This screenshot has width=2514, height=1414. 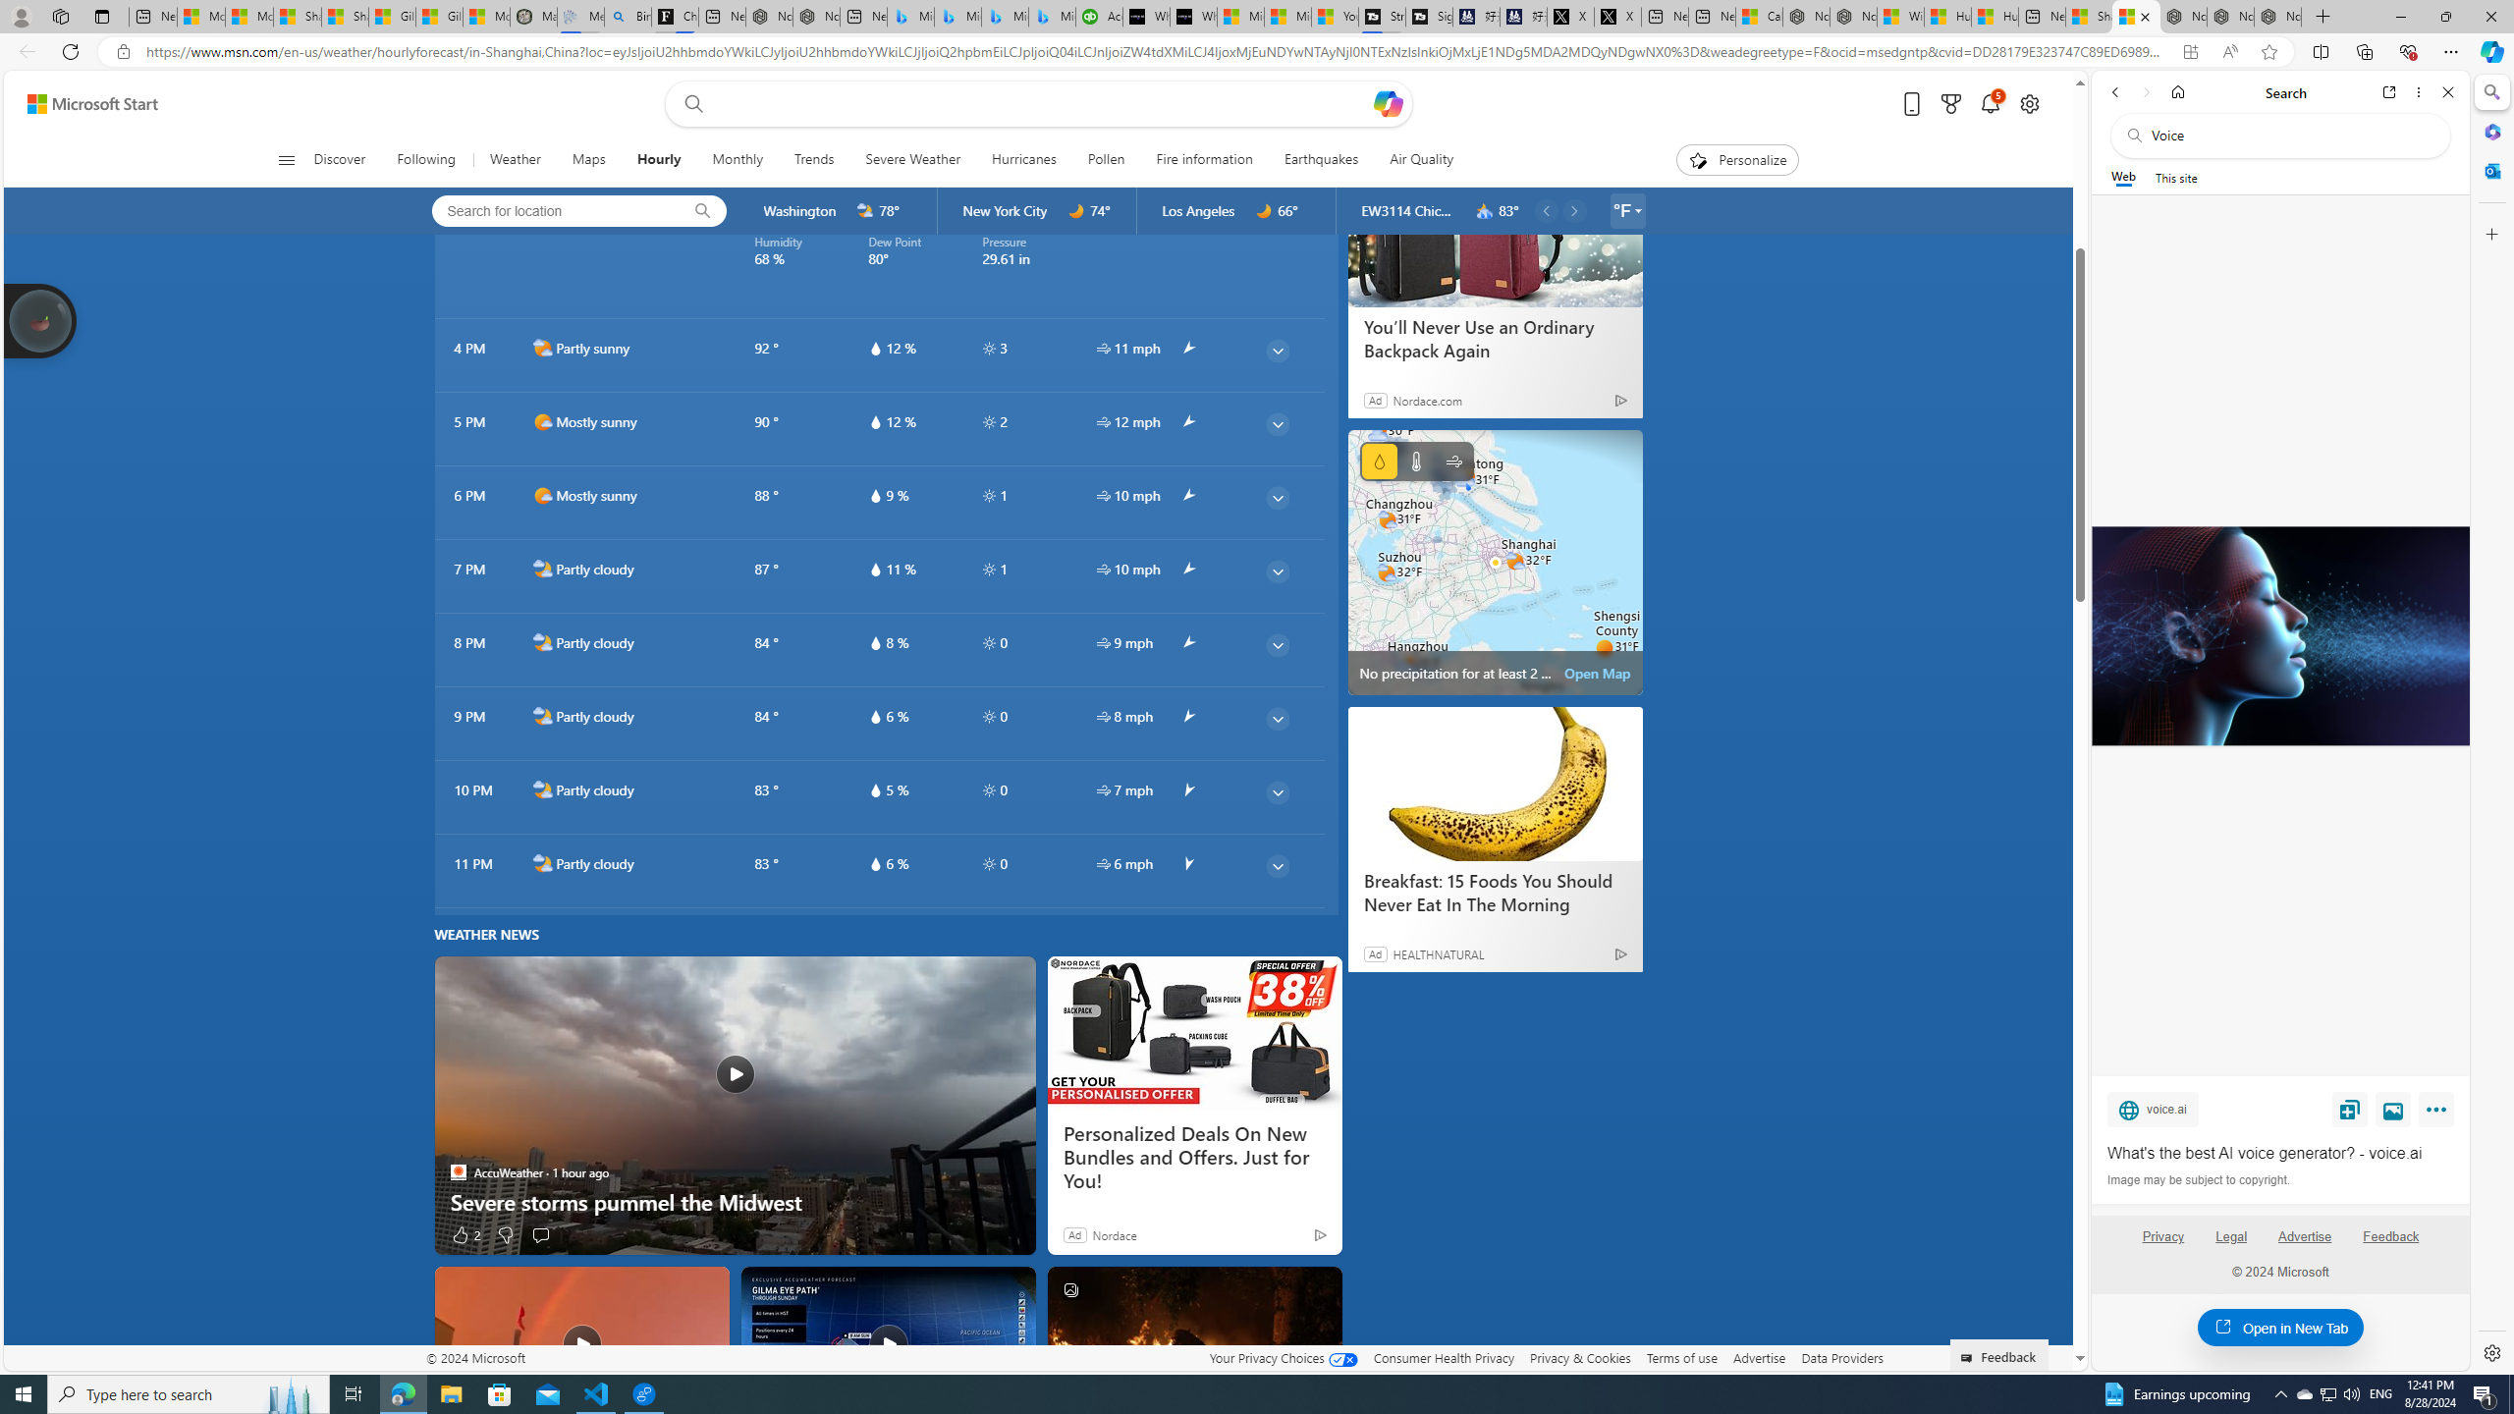 What do you see at coordinates (2489, 233) in the screenshot?
I see `'Customize'` at bounding box center [2489, 233].